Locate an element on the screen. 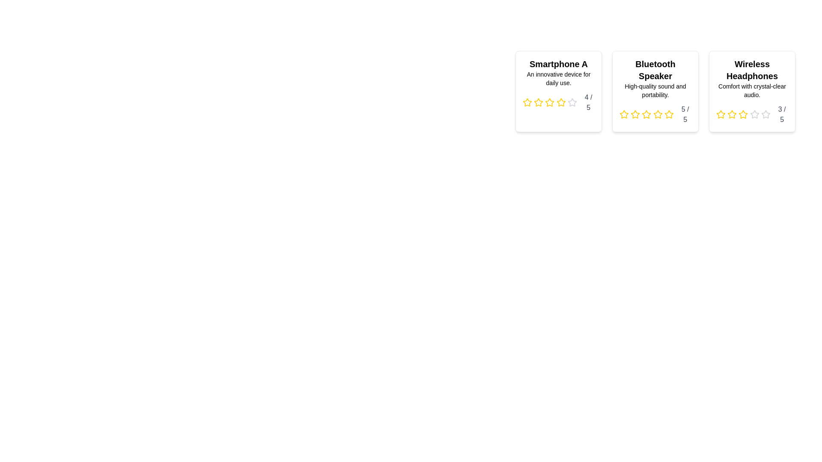  the star icon corresponding to 4 stars in the rating component is located at coordinates (561, 102).